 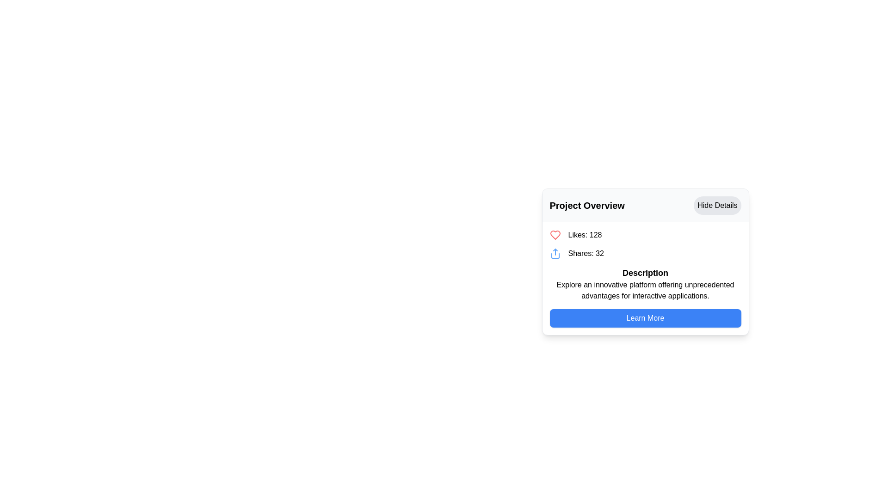 I want to click on the like or favorite icon located in the upper section of the card-like UI component, adjacent to the social counts text, so click(x=555, y=235).